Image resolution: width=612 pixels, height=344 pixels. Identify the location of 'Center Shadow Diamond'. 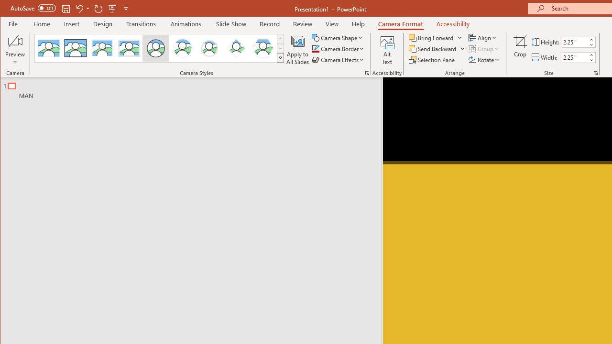
(236, 48).